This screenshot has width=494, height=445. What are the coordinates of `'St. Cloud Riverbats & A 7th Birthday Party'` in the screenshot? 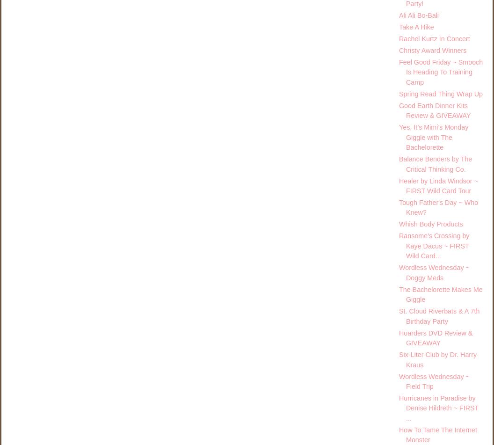 It's located at (439, 315).